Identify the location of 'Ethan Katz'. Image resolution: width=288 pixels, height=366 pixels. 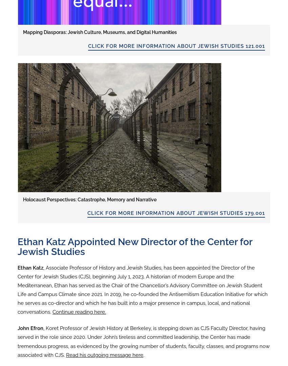
(30, 267).